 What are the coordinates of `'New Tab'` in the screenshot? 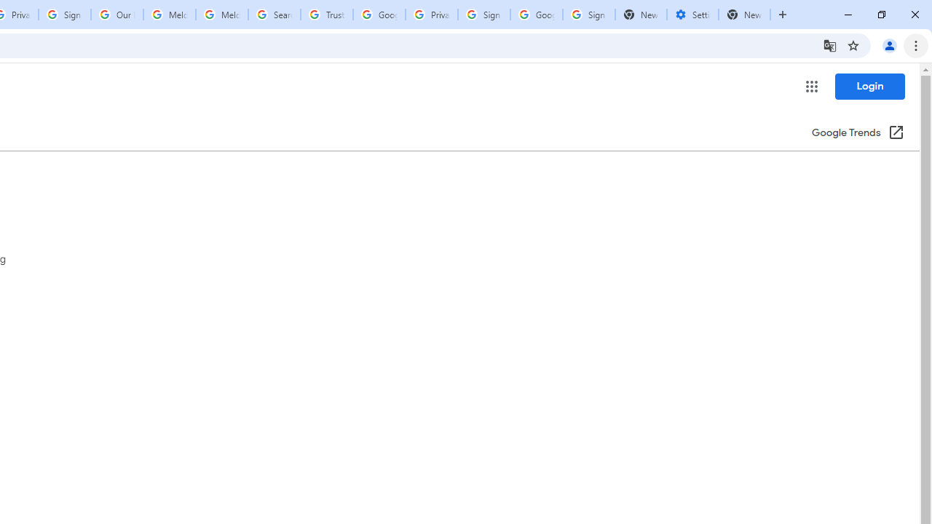 It's located at (744, 15).